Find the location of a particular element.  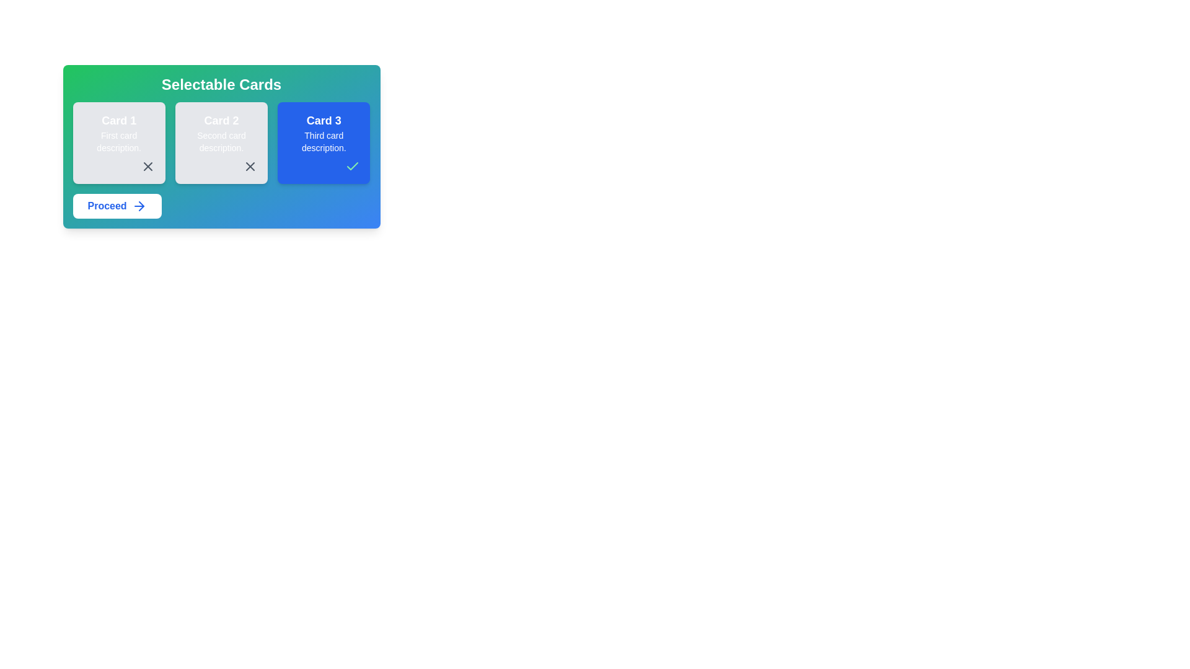

the card with title Card 2 is located at coordinates (221, 142).